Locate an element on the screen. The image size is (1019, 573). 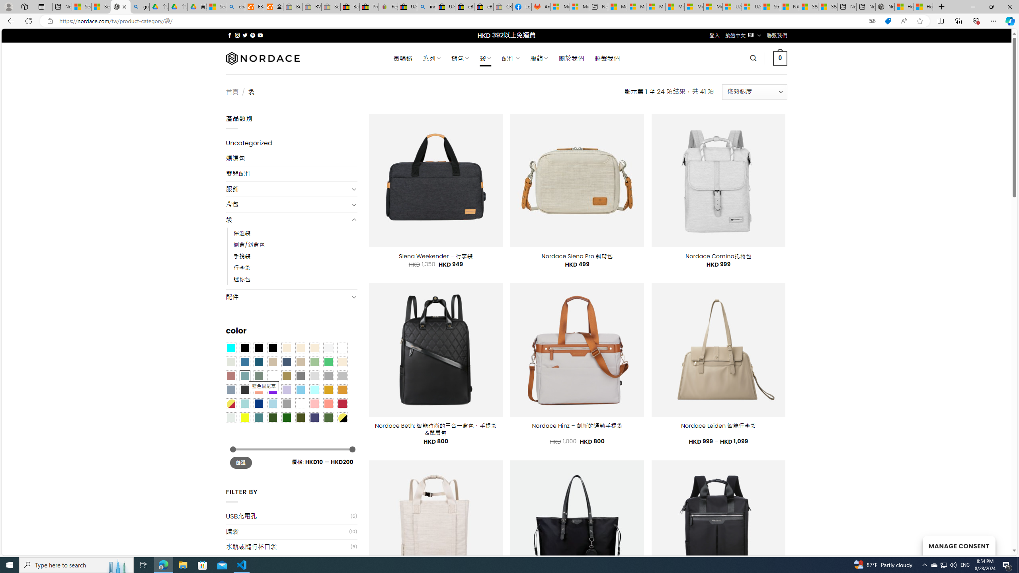
'Close' is located at coordinates (1009, 6).